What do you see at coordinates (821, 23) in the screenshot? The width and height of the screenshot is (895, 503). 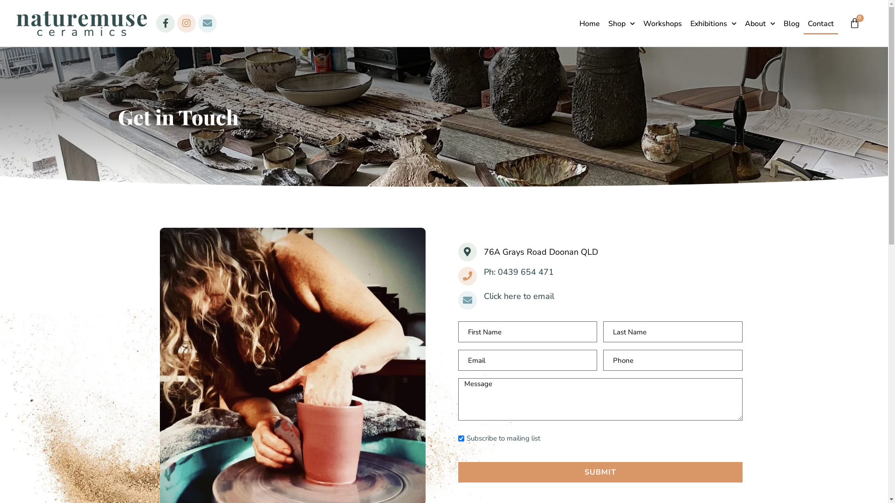 I see `'Contact'` at bounding box center [821, 23].